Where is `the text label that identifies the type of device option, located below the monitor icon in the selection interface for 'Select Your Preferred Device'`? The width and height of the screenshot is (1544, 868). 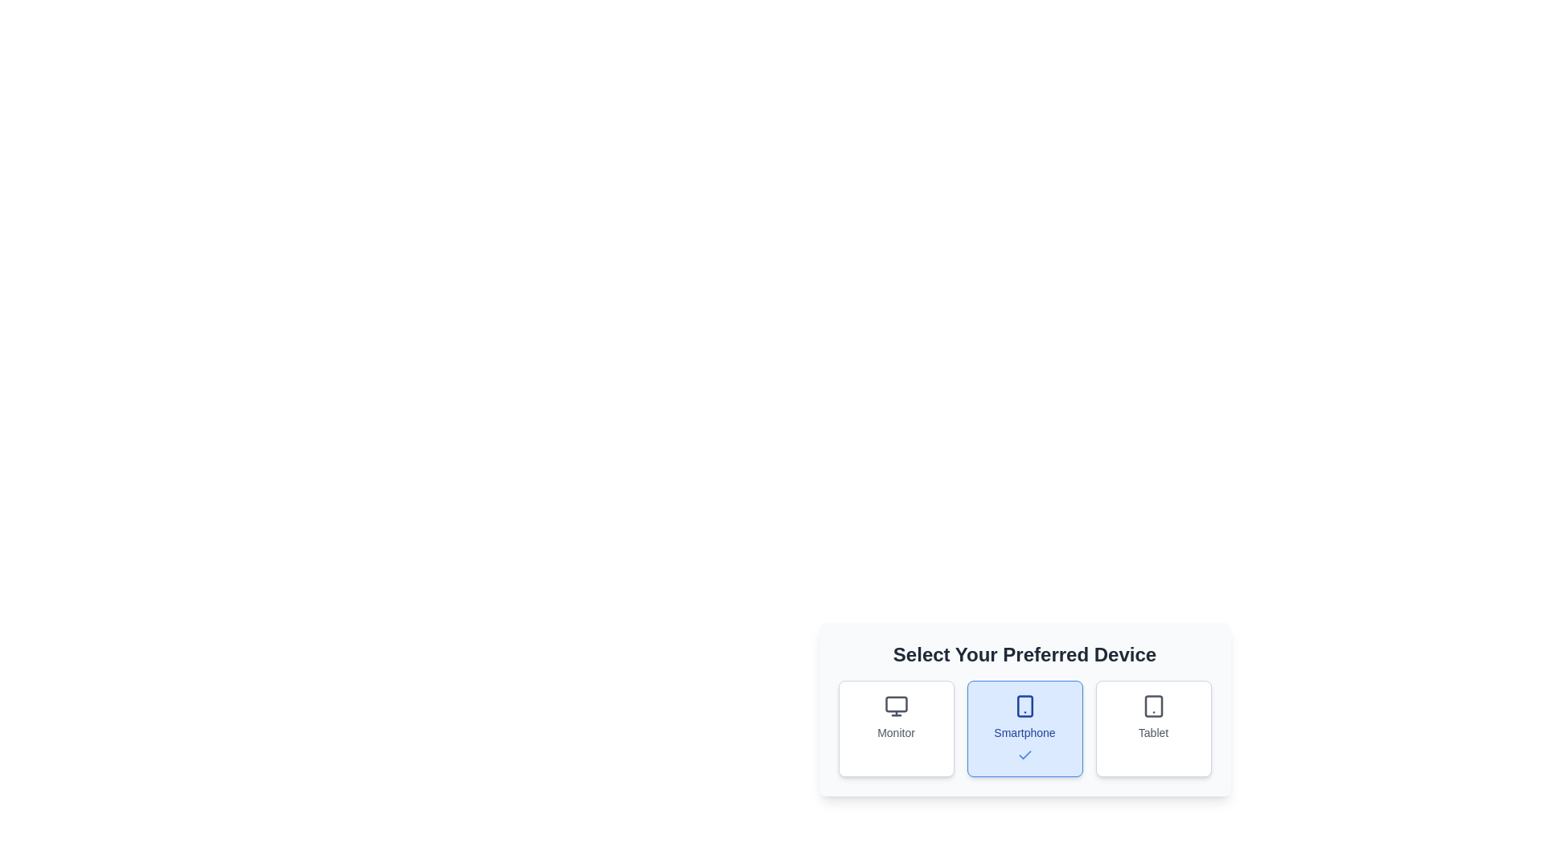
the text label that identifies the type of device option, located below the monitor icon in the selection interface for 'Select Your Preferred Device' is located at coordinates (895, 732).